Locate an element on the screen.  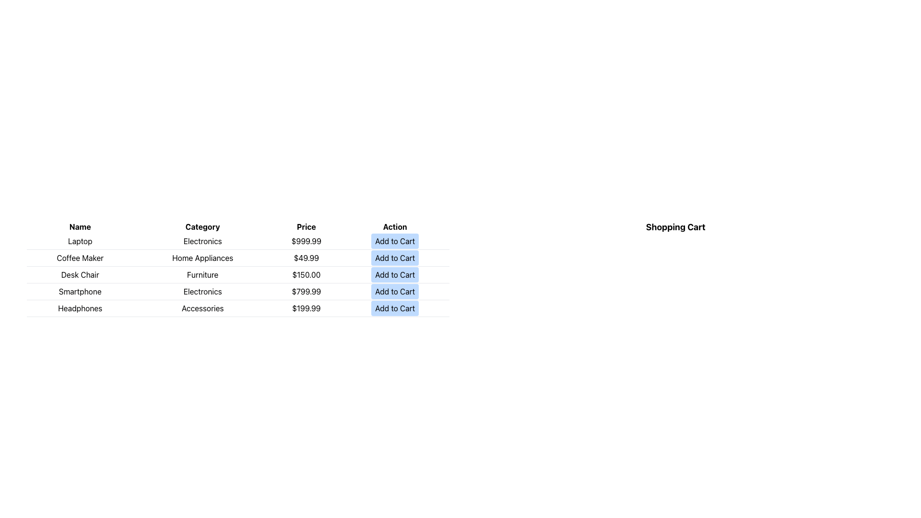
the 'Add to Cart' button with rounded corners and light blue background for the product 'Desk Chair' priced at '$150.00' in the fourth column of the action row is located at coordinates (395, 275).